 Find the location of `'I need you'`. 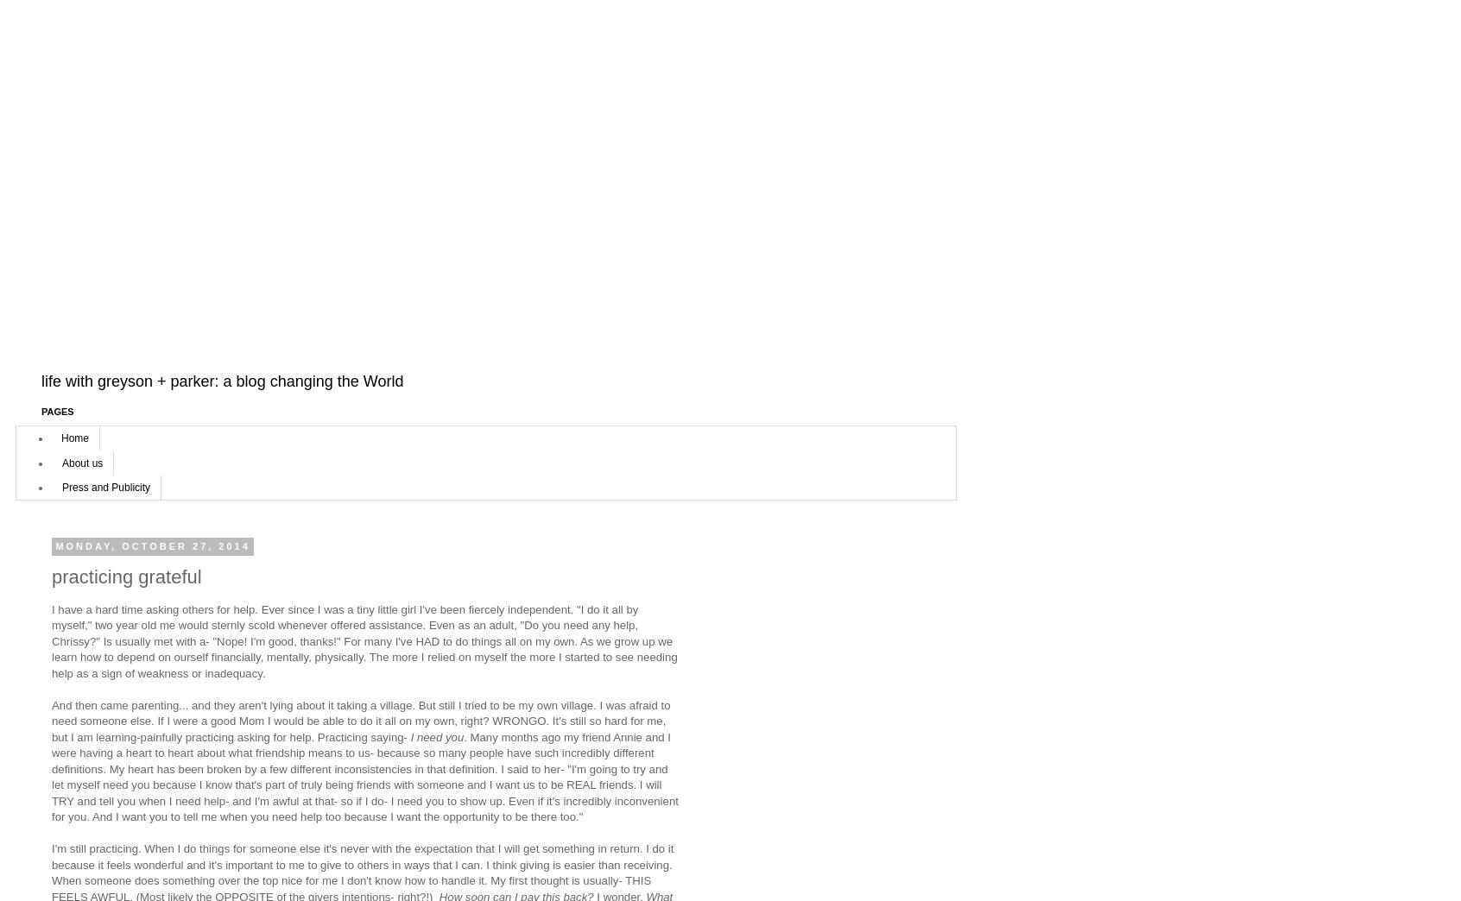

'I need you' is located at coordinates (408, 736).